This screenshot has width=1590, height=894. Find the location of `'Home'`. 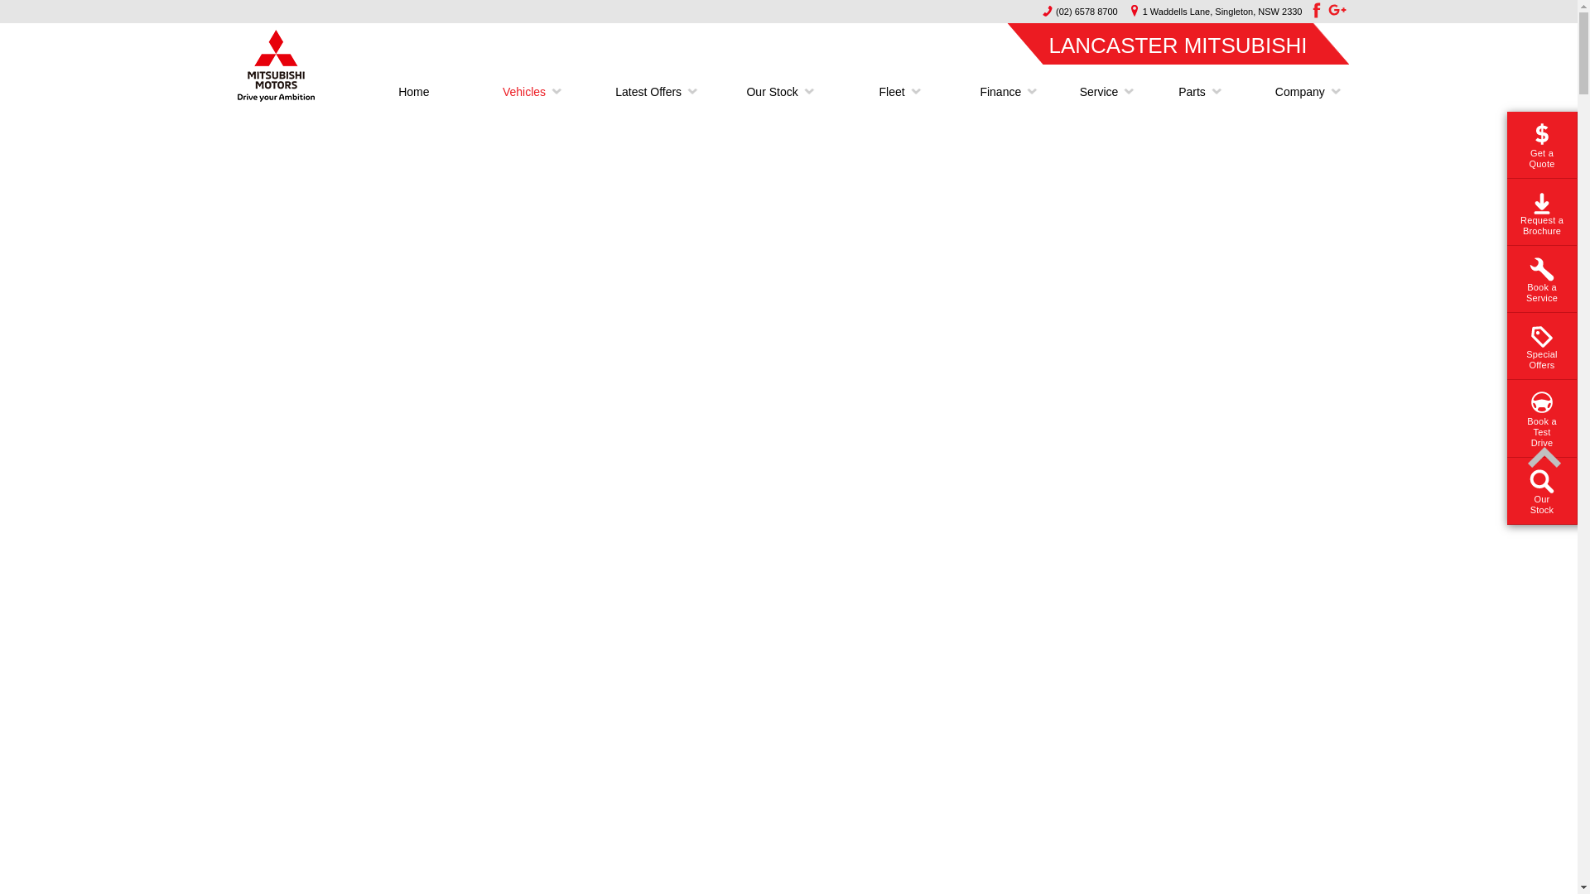

'Home' is located at coordinates (413, 92).